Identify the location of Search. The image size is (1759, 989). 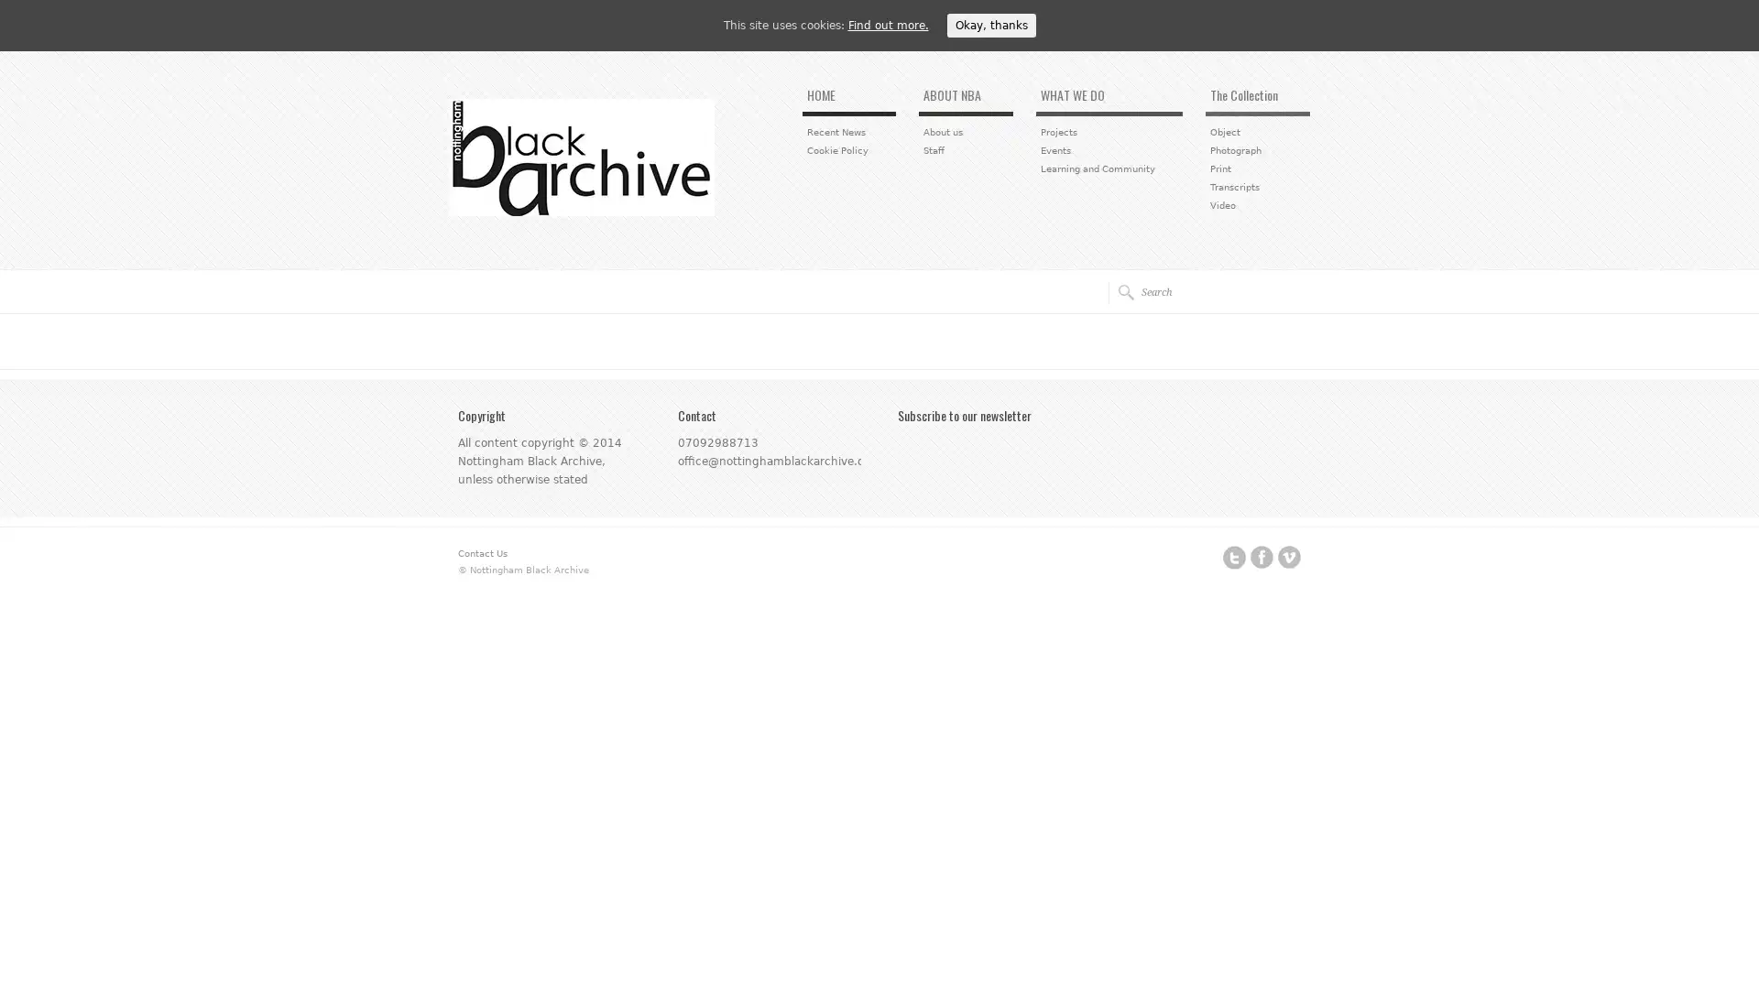
(1120, 291).